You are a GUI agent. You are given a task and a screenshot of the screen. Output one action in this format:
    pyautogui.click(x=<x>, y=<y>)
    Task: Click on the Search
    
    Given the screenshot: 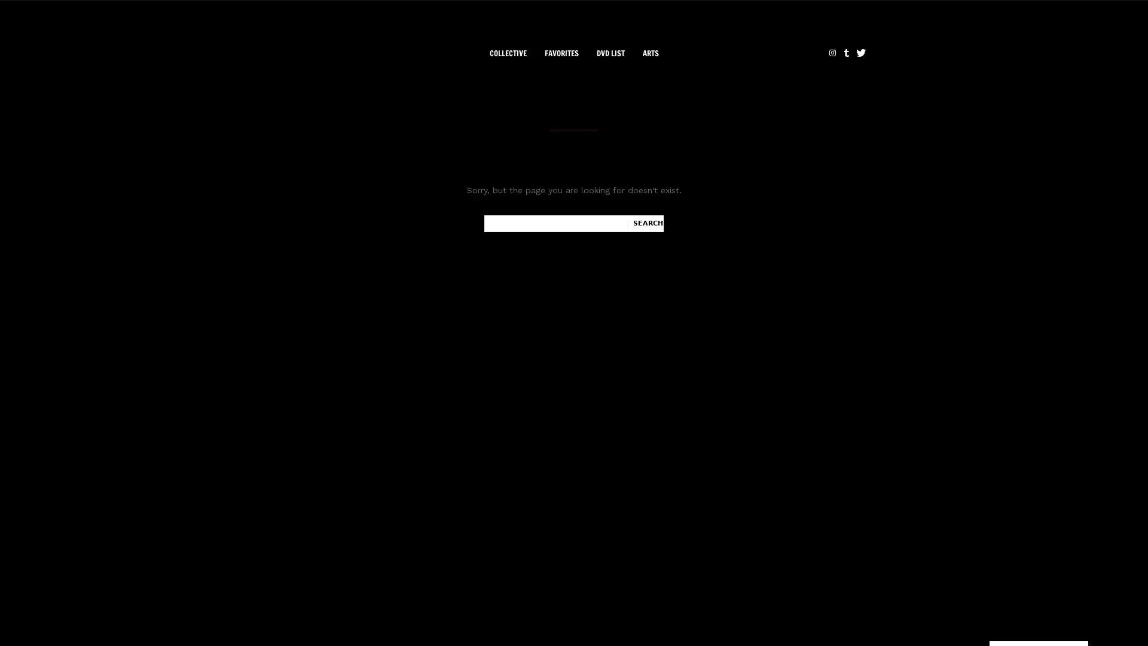 What is the action you would take?
    pyautogui.click(x=645, y=223)
    